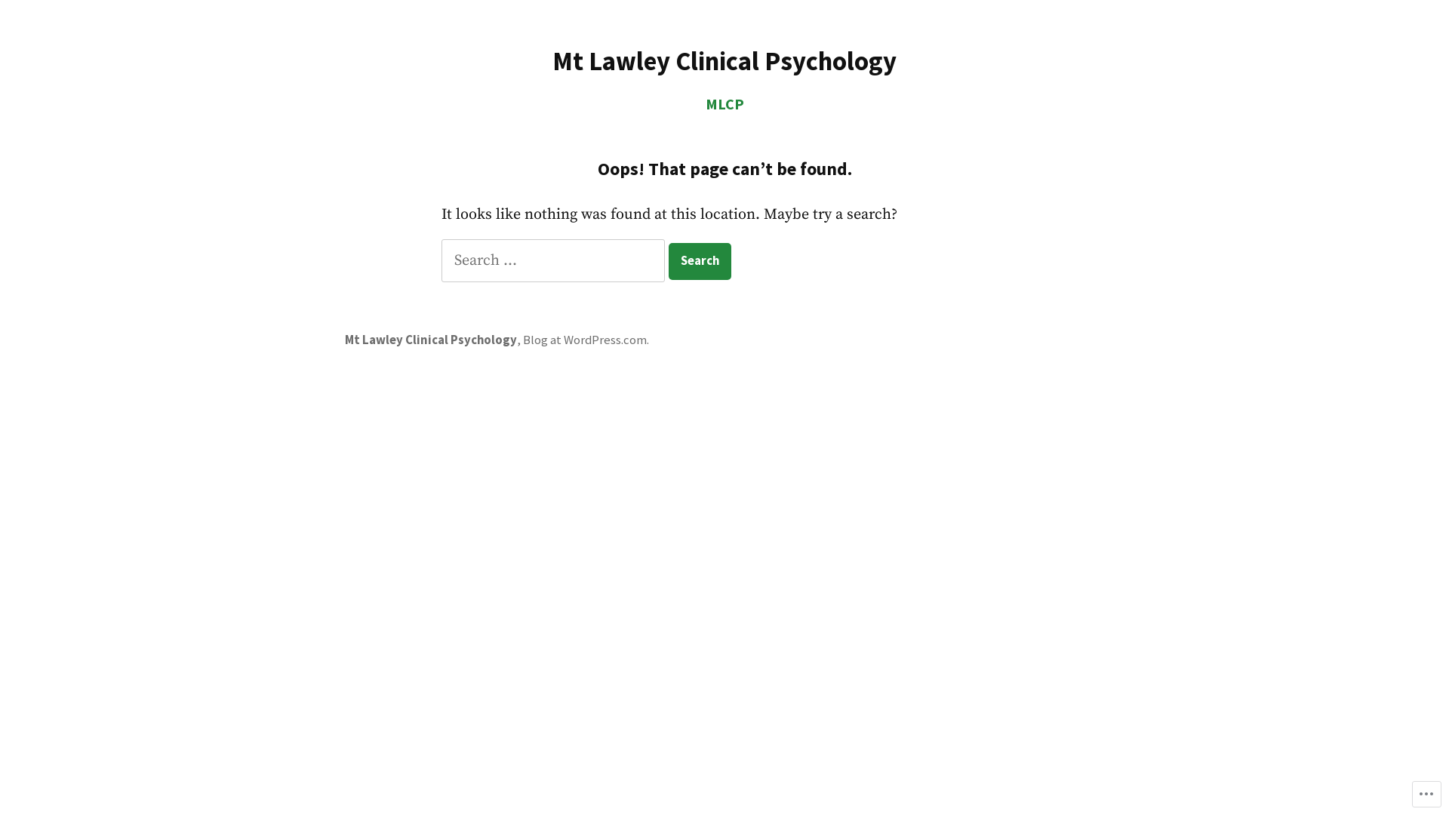  Describe the element at coordinates (430, 340) in the screenshot. I see `'Mt Lawley Clinical Psychology'` at that location.